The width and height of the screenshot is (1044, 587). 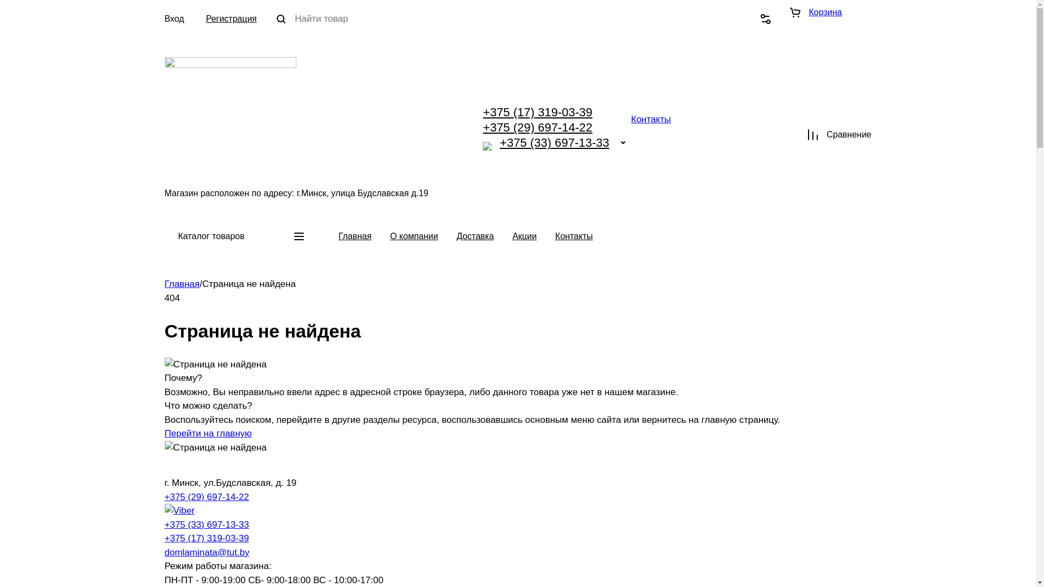 I want to click on '+375 (33) 697-13-33', so click(x=206, y=524).